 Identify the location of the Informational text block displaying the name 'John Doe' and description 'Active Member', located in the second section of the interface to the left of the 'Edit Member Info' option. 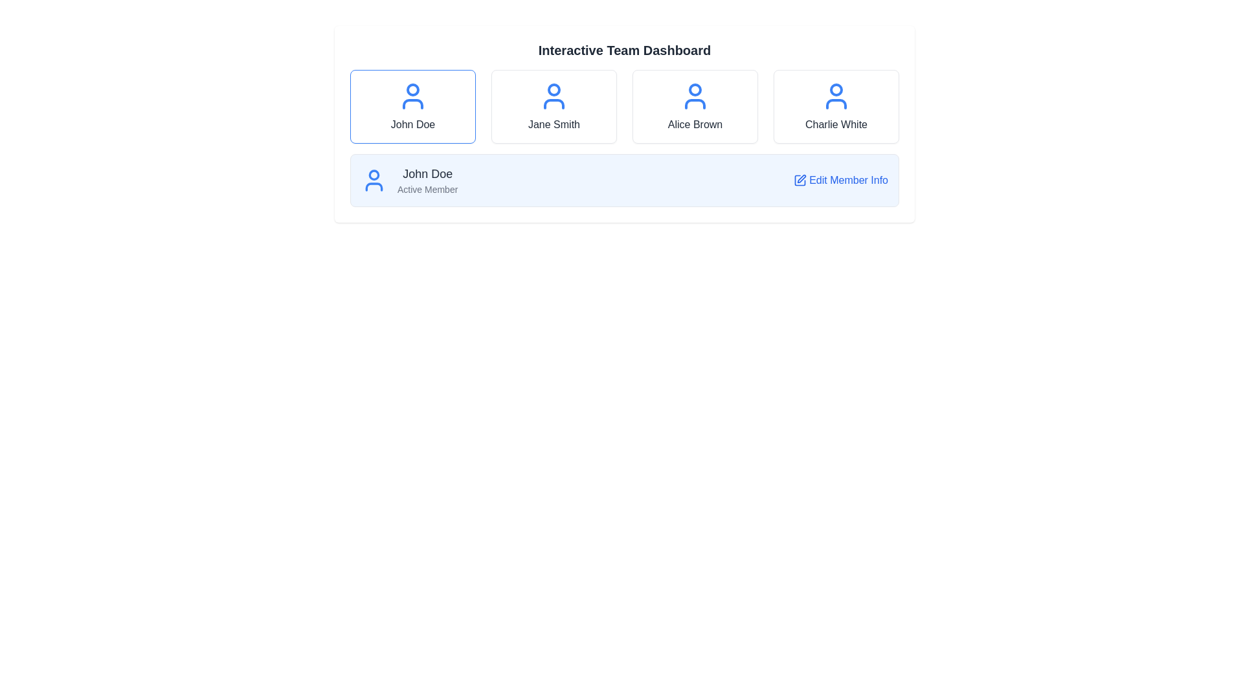
(427, 180).